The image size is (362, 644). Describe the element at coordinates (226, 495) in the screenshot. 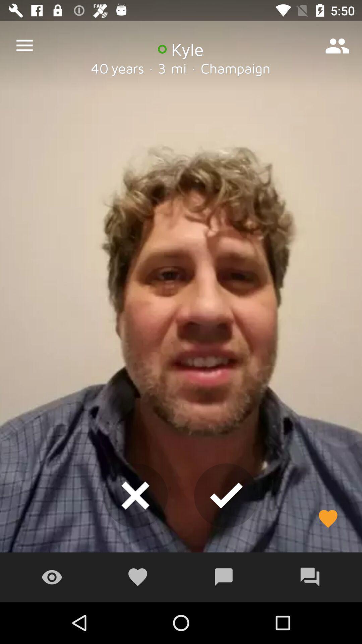

I see `the check icon` at that location.